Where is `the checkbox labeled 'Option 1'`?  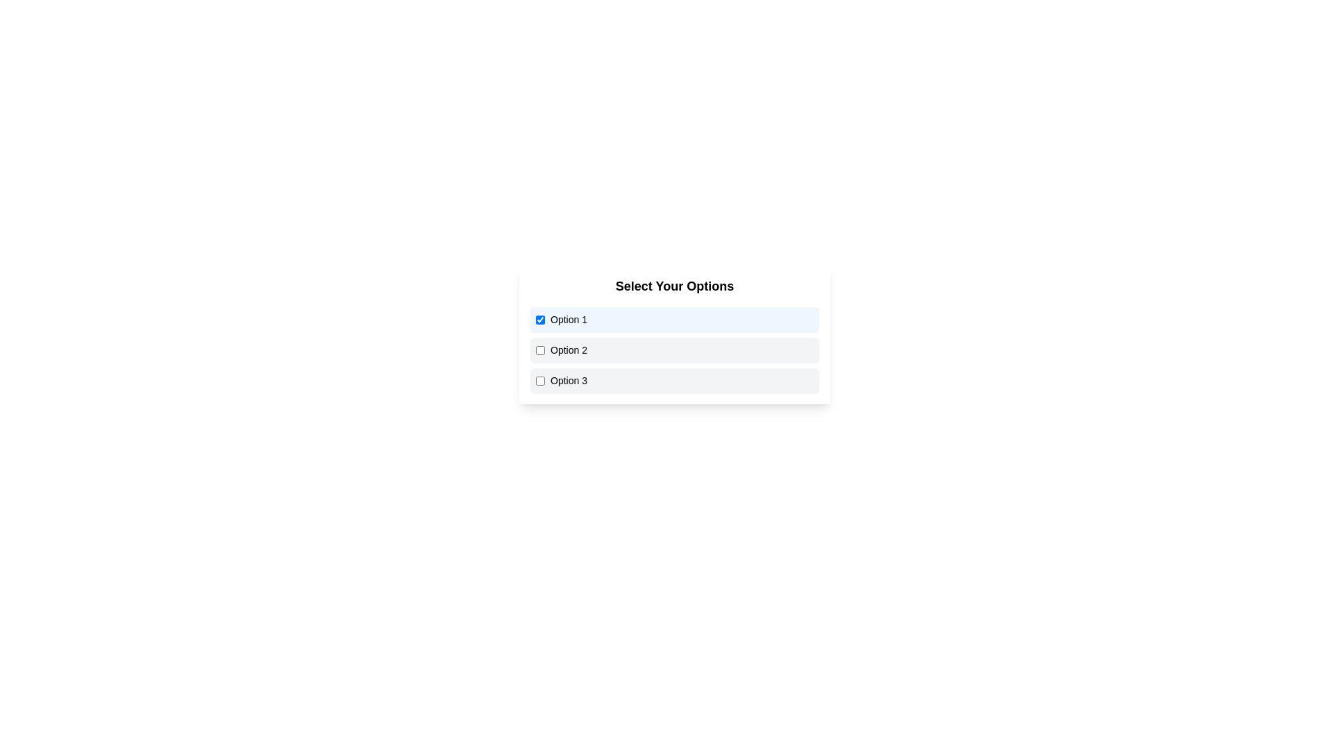 the checkbox labeled 'Option 1' is located at coordinates (539, 320).